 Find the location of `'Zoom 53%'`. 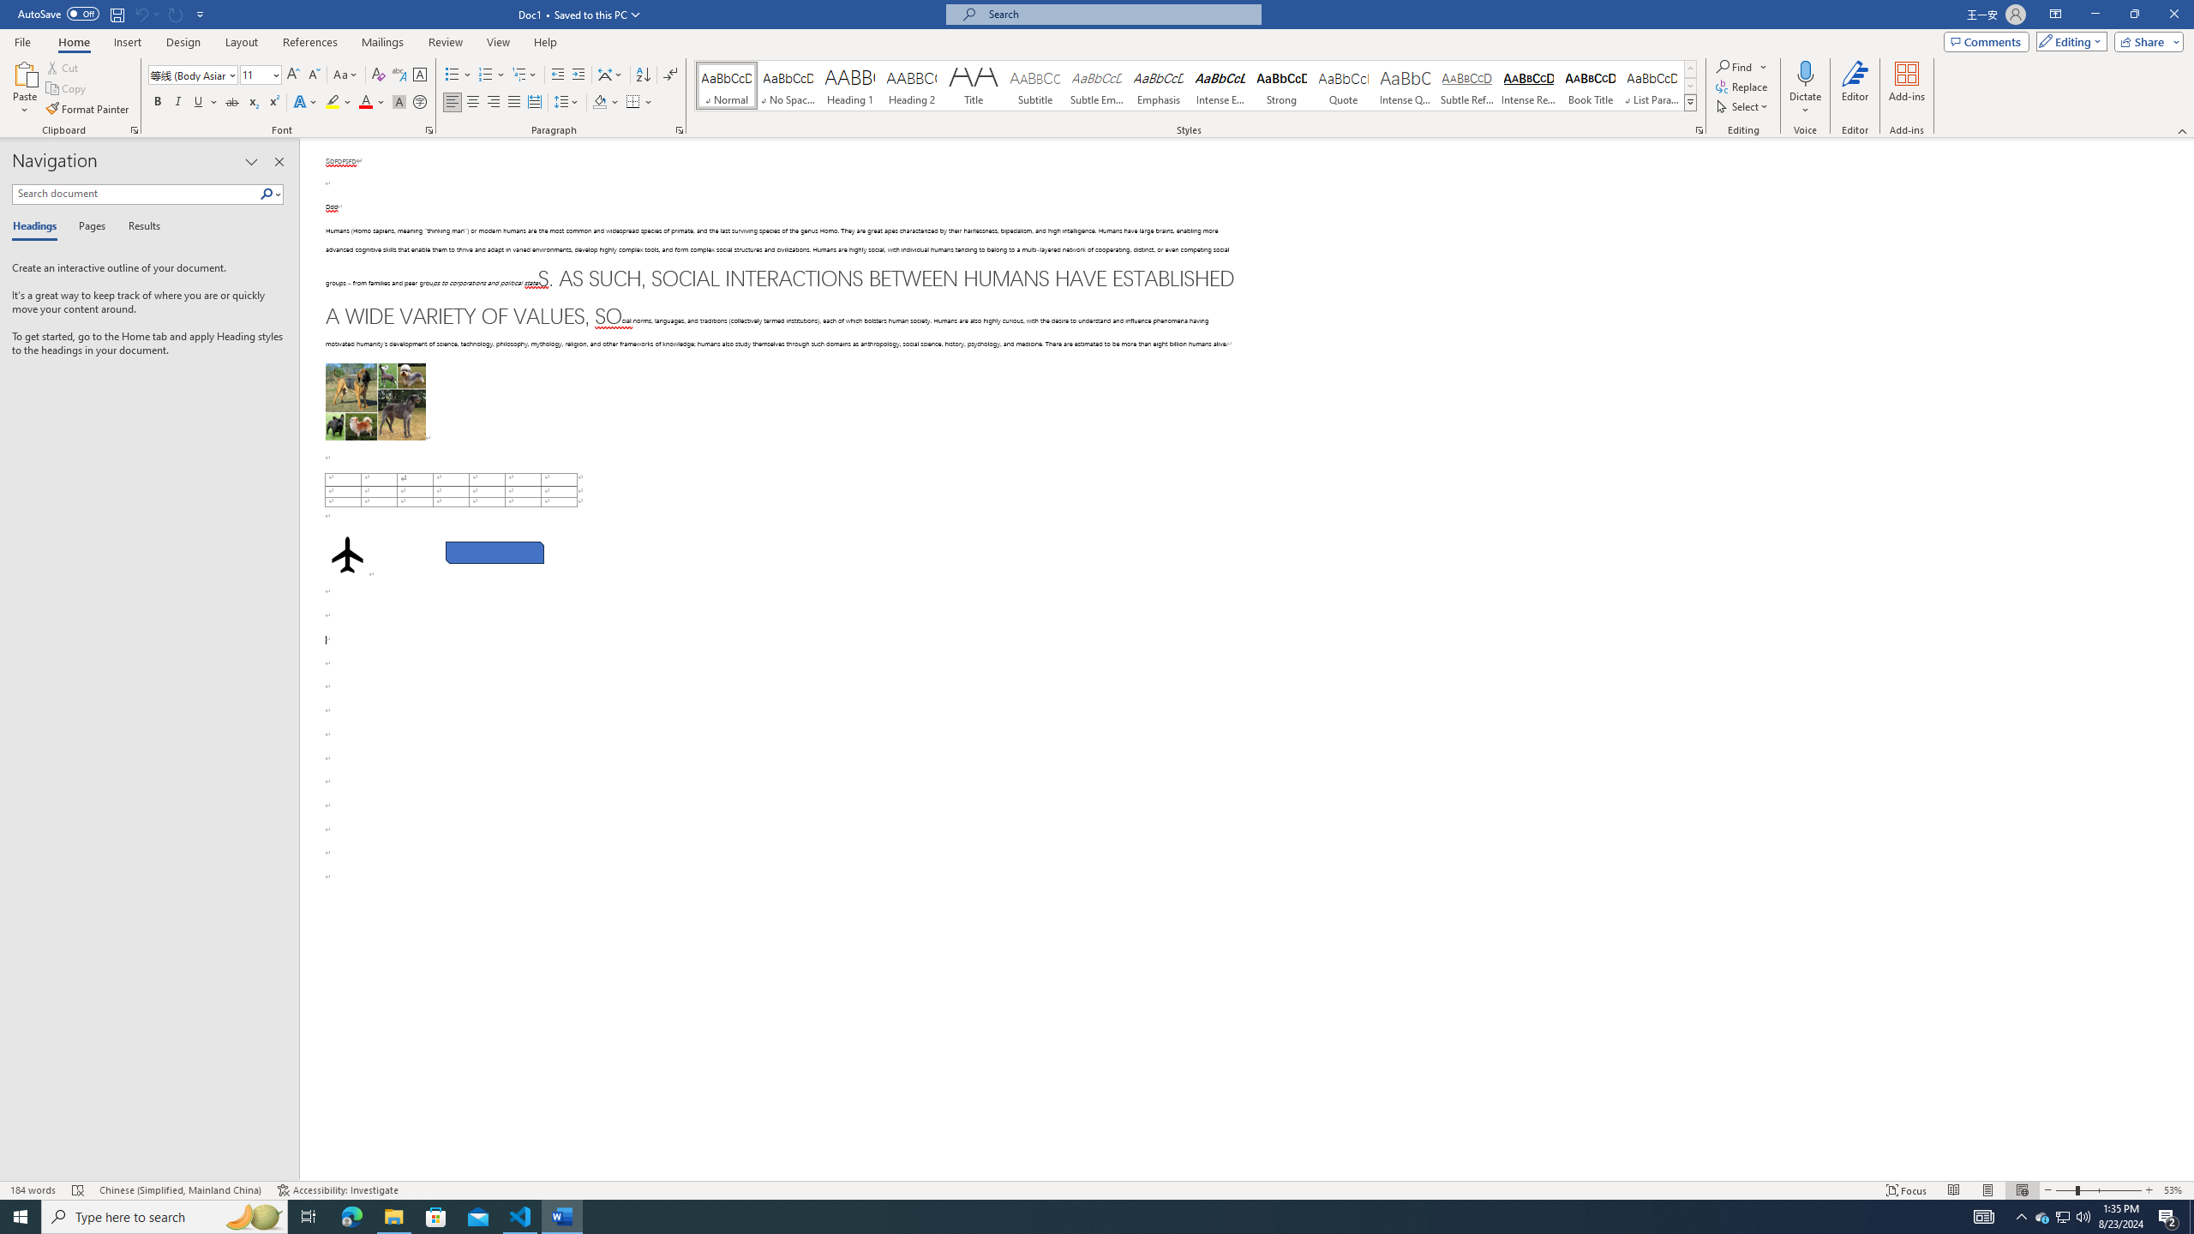

'Zoom 53%' is located at coordinates (2174, 1190).